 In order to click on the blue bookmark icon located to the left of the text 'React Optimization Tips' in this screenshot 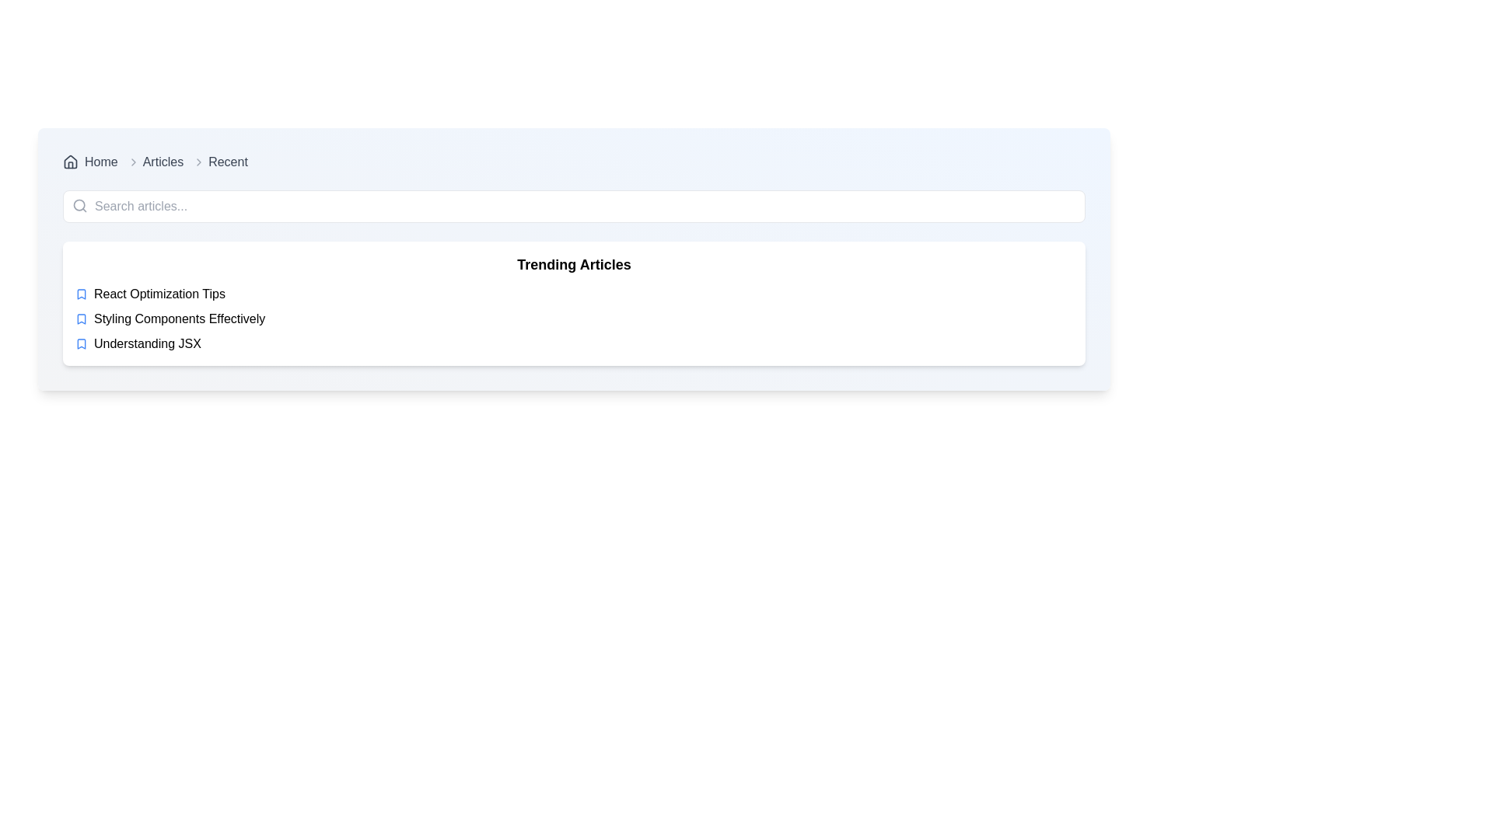, I will do `click(81, 294)`.